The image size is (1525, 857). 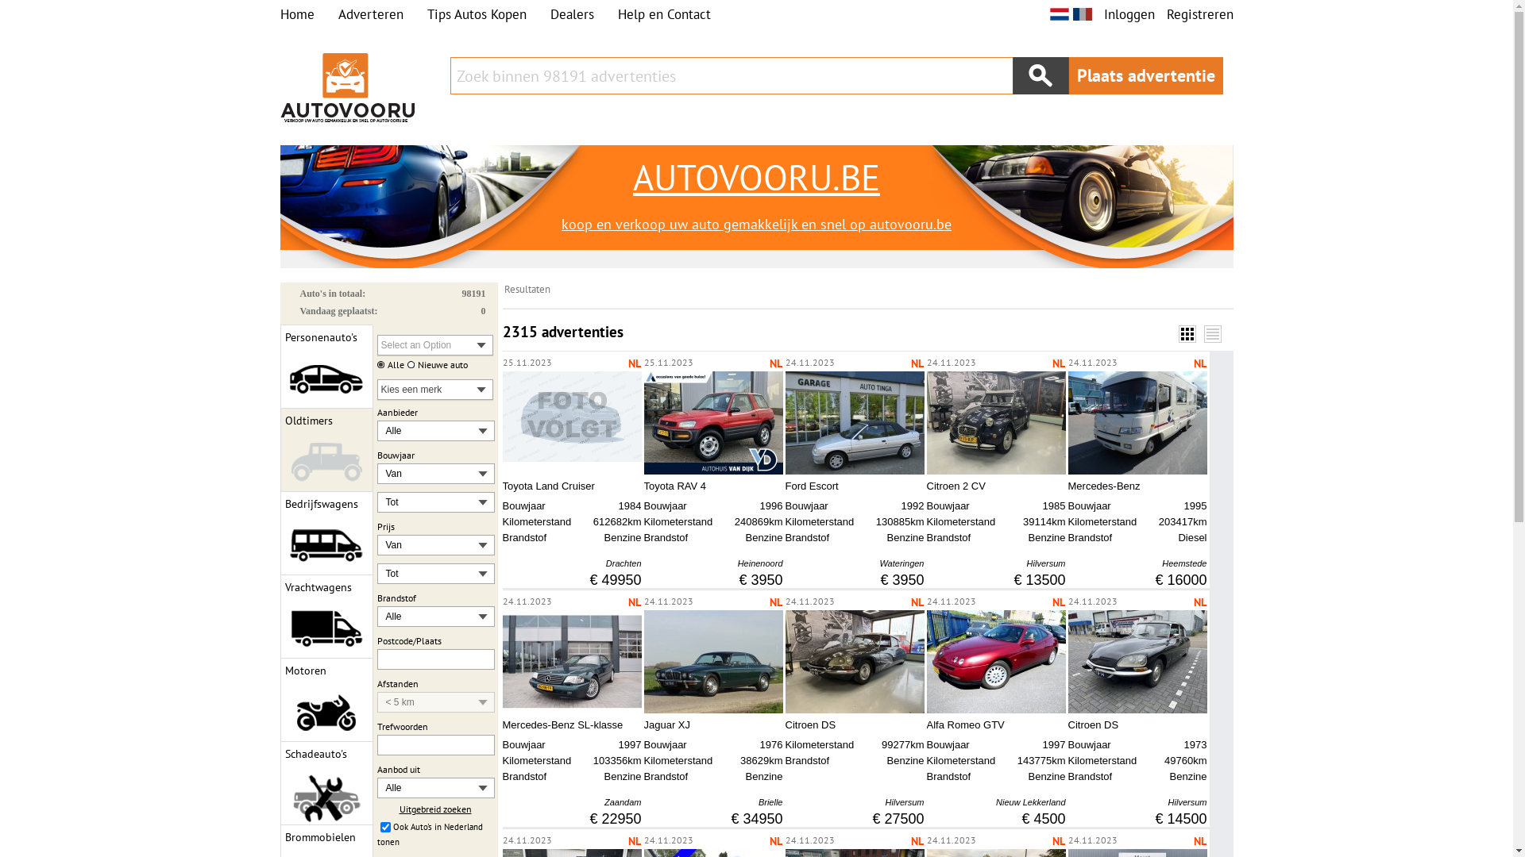 What do you see at coordinates (424, 573) in the screenshot?
I see `'Tot'` at bounding box center [424, 573].